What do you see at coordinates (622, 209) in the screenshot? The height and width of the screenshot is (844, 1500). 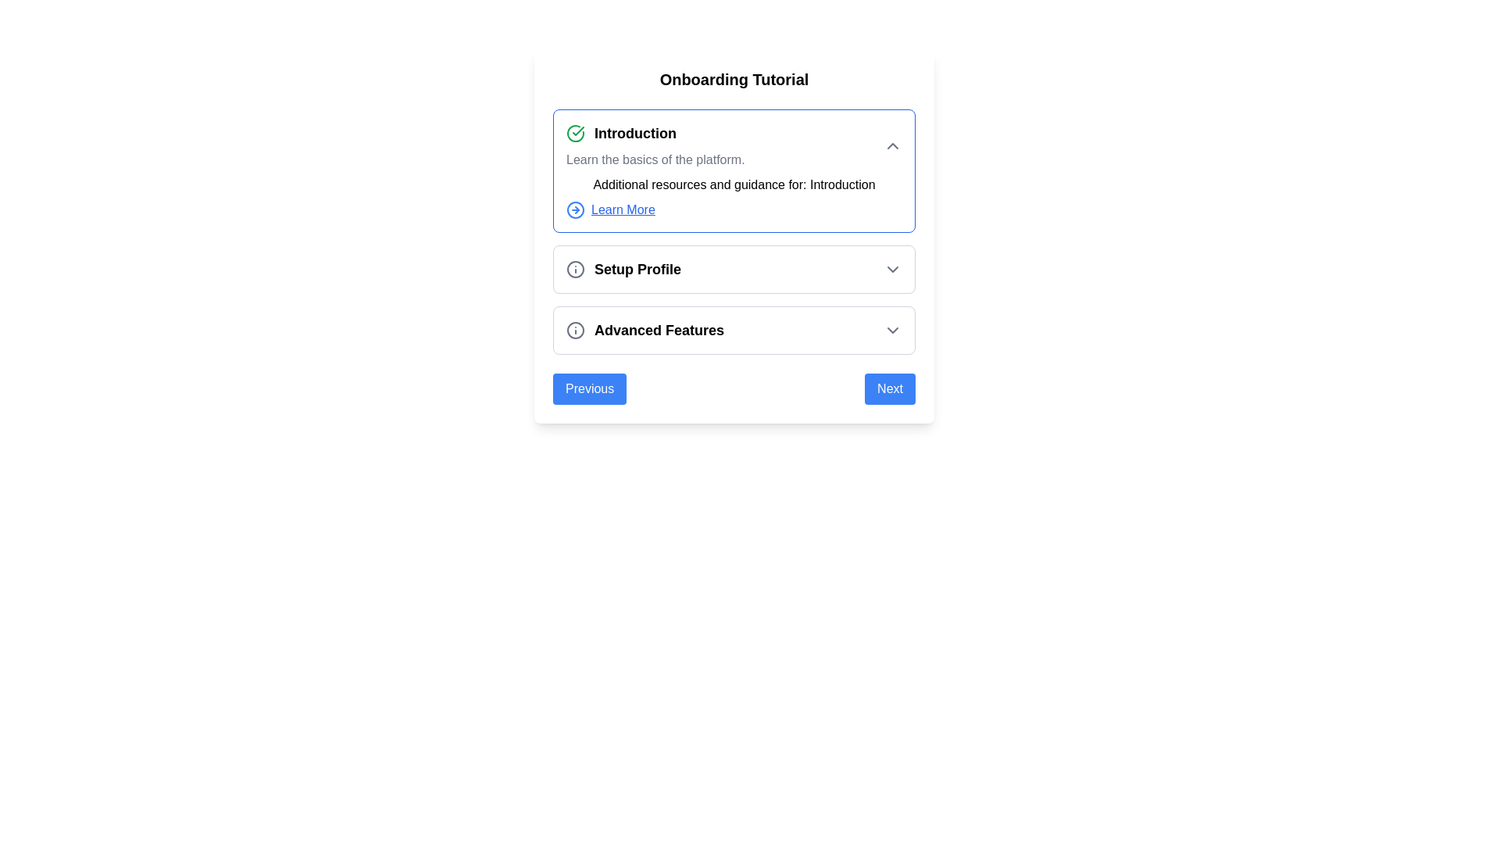 I see `the text link located to the right of the arrow symbol in the 'Introduction' section of the vertical stepper component` at bounding box center [622, 209].